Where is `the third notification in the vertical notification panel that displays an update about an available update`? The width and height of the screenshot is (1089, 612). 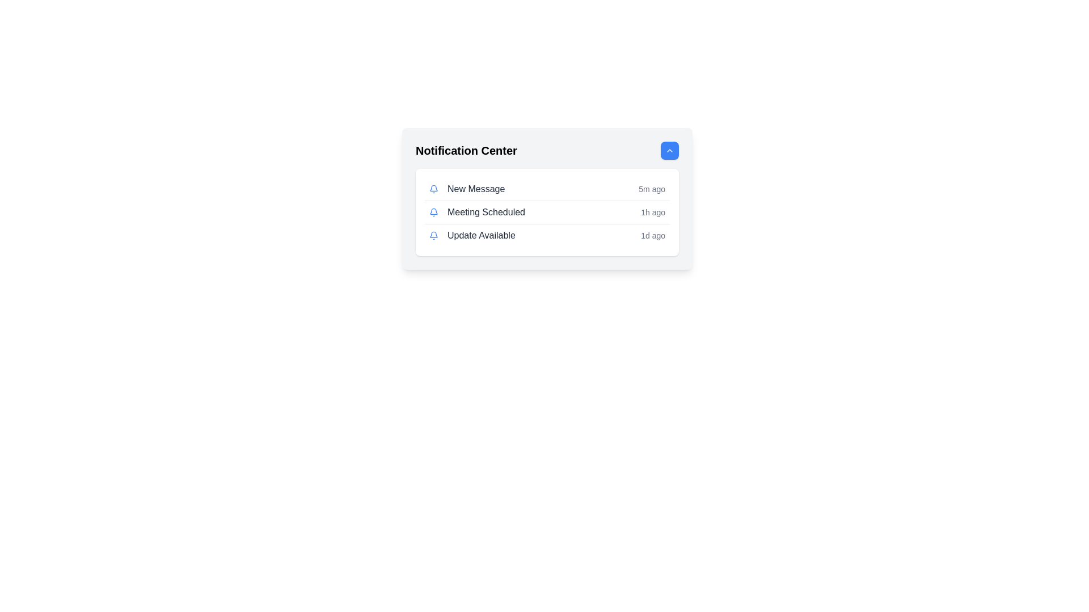 the third notification in the vertical notification panel that displays an update about an available update is located at coordinates (472, 235).